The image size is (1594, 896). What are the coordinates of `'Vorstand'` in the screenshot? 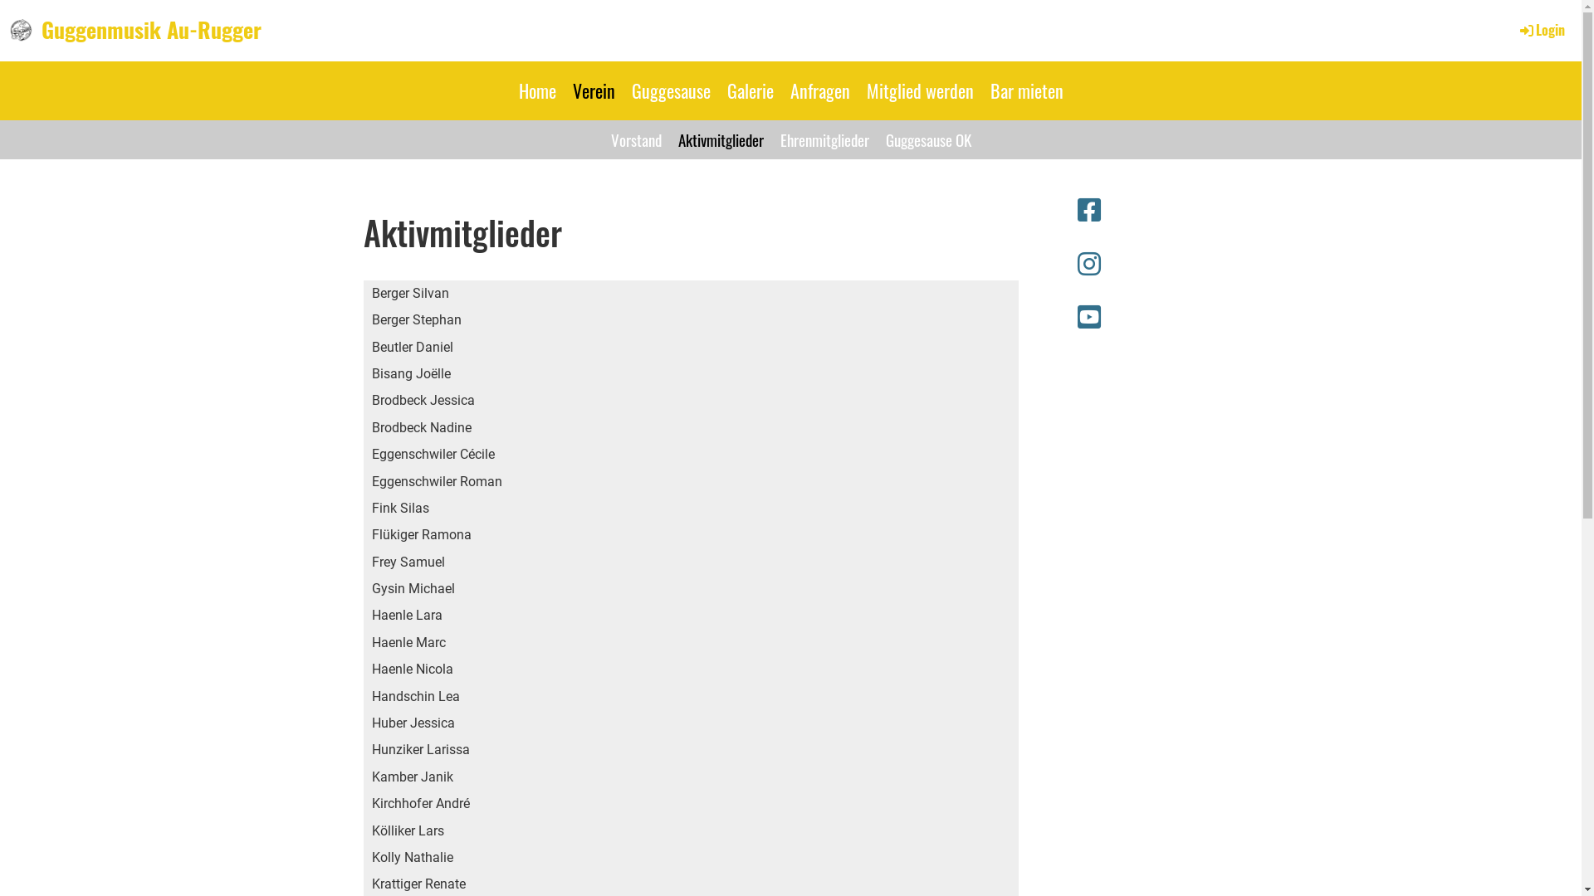 It's located at (601, 139).